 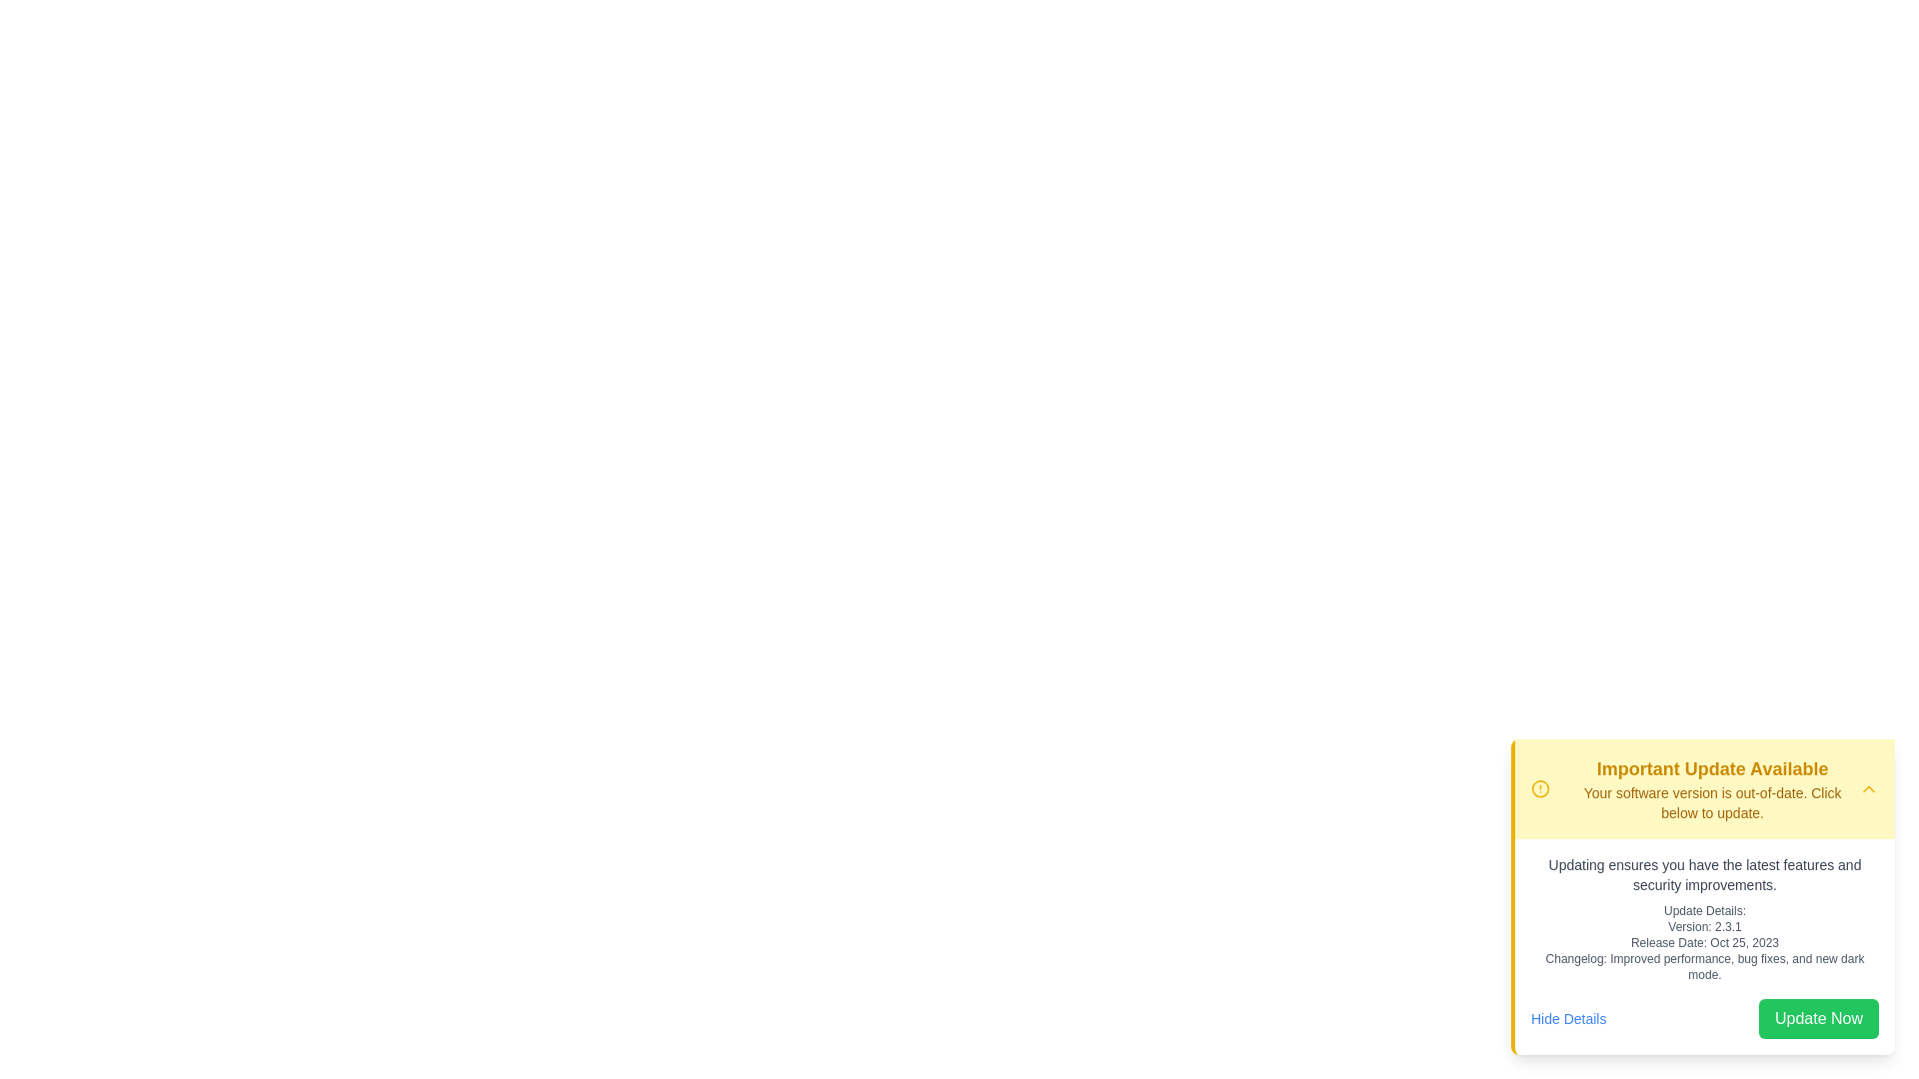 I want to click on the text label that notifies the user about the outdated software version, located below the header 'Important Update Available' in the yellow notification box, so click(x=1711, y=801).